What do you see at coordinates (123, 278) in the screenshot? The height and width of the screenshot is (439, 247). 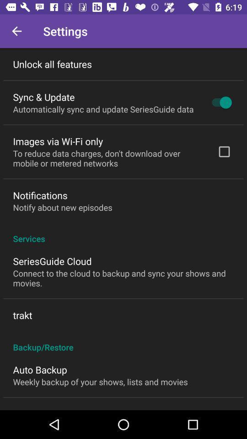 I see `the icon above the trakt icon` at bounding box center [123, 278].